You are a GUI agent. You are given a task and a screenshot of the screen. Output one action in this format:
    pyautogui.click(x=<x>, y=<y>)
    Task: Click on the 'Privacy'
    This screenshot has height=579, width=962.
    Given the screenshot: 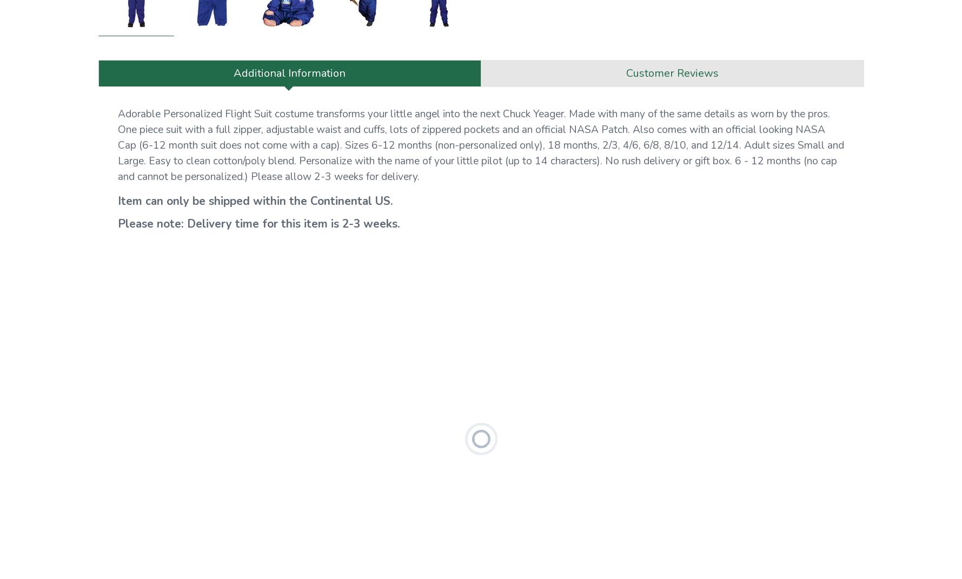 What is the action you would take?
    pyautogui.click(x=111, y=101)
    